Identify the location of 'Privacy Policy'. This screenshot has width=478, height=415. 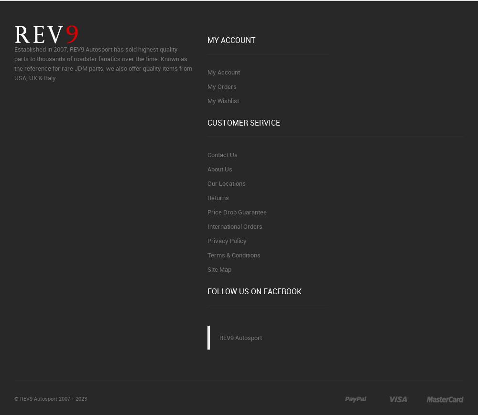
(227, 240).